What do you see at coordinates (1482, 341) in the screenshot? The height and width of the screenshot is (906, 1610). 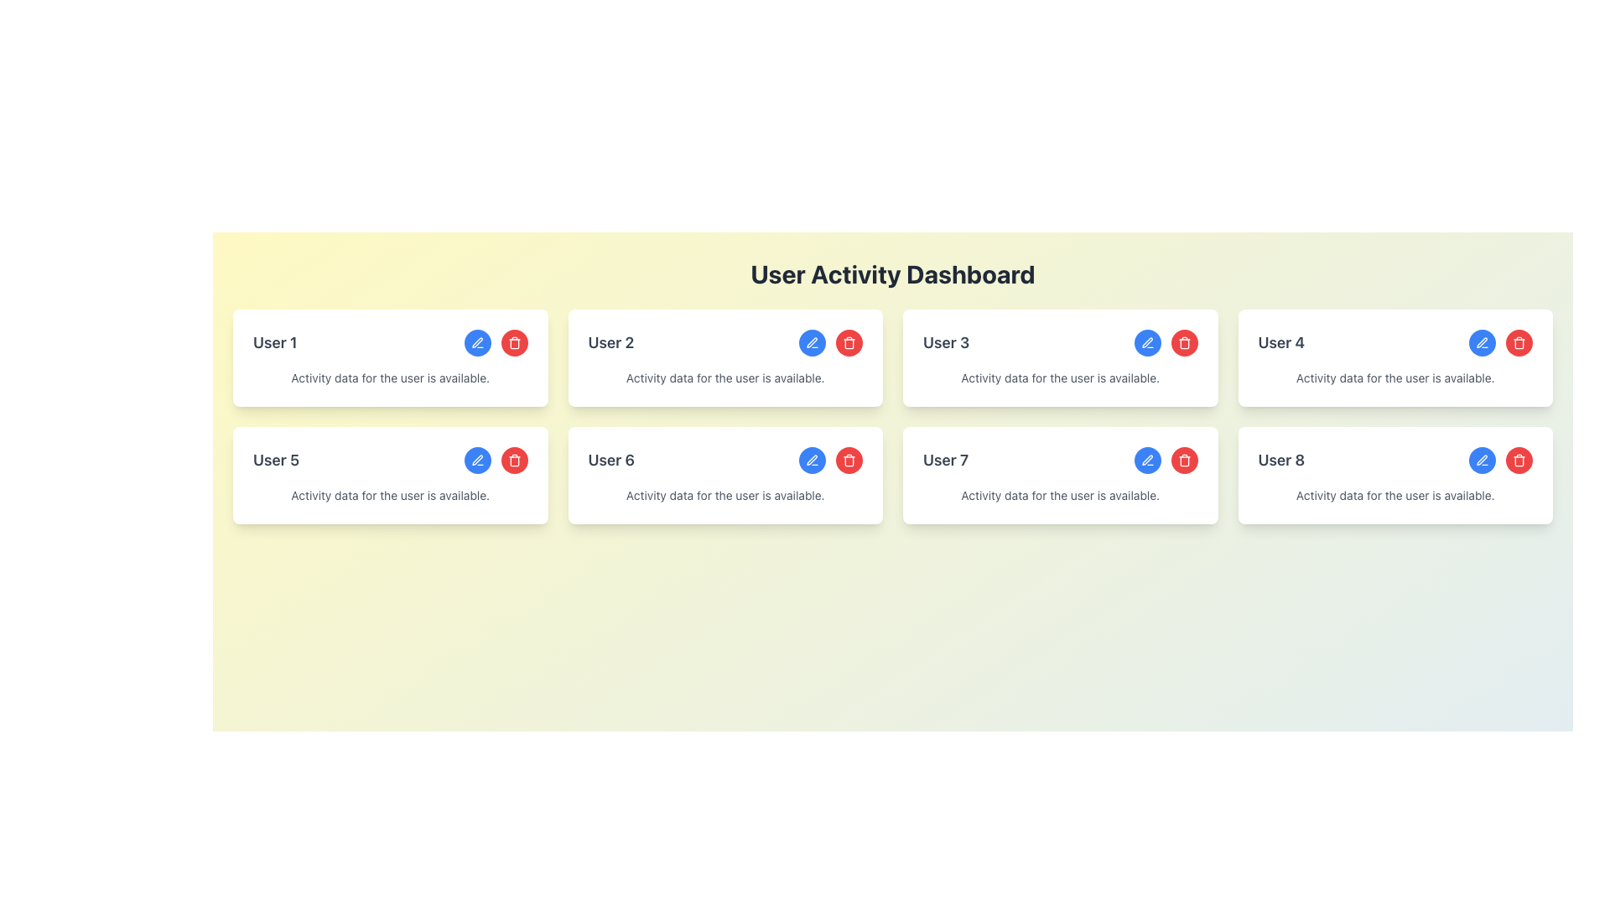 I see `the icon-based button located in the top-right section of the 'User 4' card` at bounding box center [1482, 341].